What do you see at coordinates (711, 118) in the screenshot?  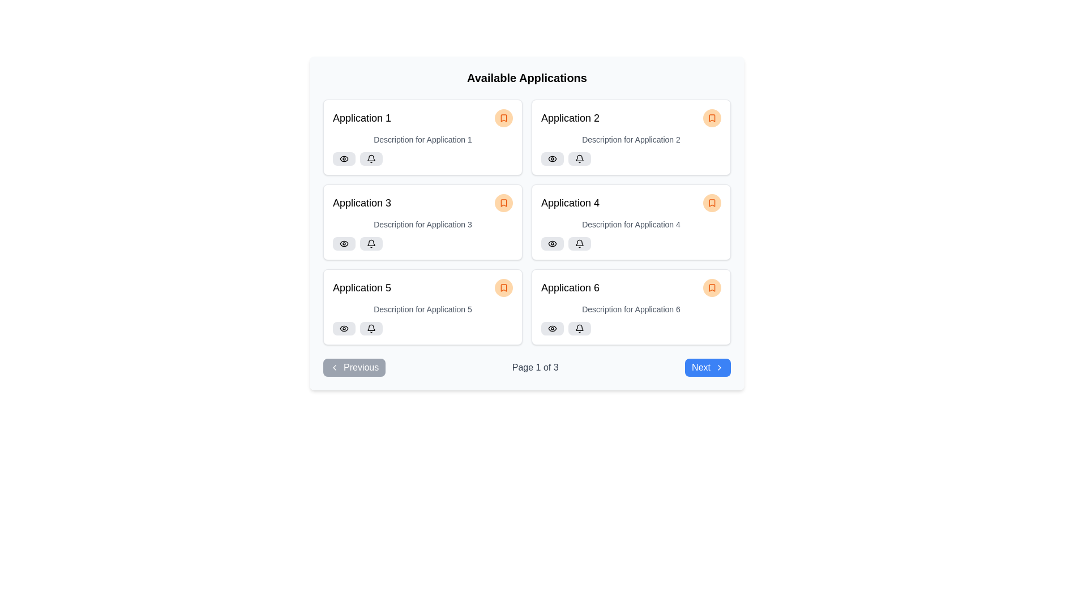 I see `the circular button with an orange background and a bookmark icon, located in the top-right region of the 'Application 2' card` at bounding box center [711, 118].